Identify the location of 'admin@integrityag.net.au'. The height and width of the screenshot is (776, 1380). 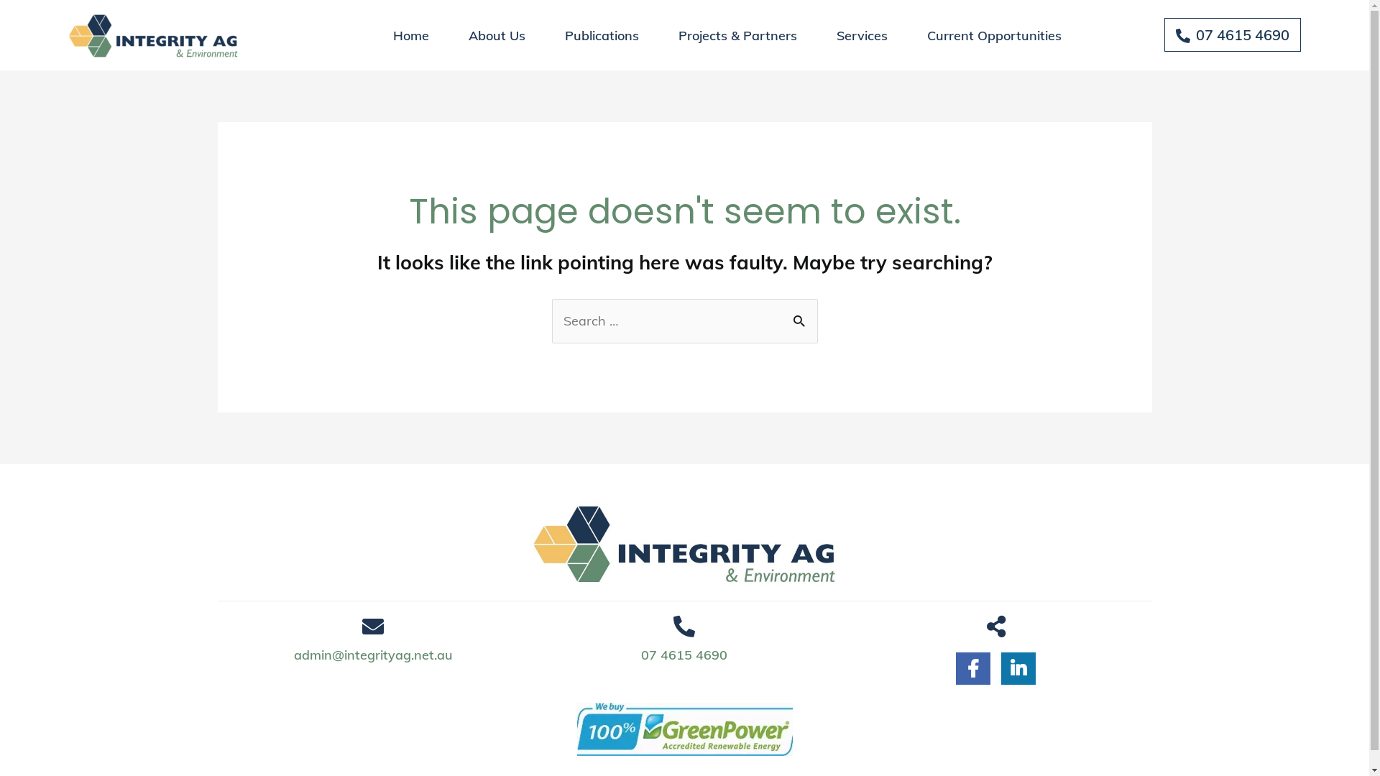
(373, 655).